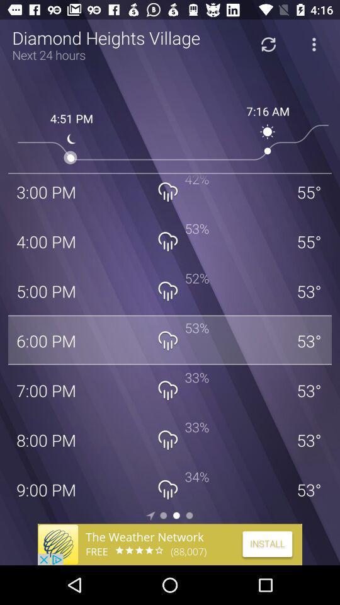 The width and height of the screenshot is (340, 605). What do you see at coordinates (268, 44) in the screenshot?
I see `the refresh icon` at bounding box center [268, 44].